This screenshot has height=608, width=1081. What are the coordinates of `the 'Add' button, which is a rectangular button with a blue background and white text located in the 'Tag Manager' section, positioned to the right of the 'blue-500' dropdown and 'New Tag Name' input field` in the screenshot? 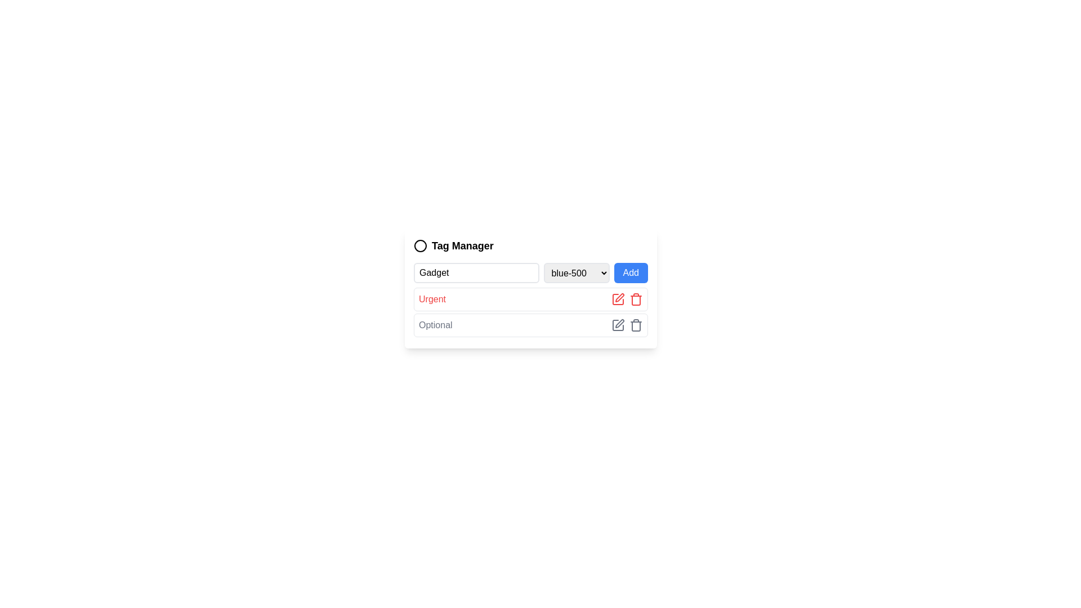 It's located at (629, 273).